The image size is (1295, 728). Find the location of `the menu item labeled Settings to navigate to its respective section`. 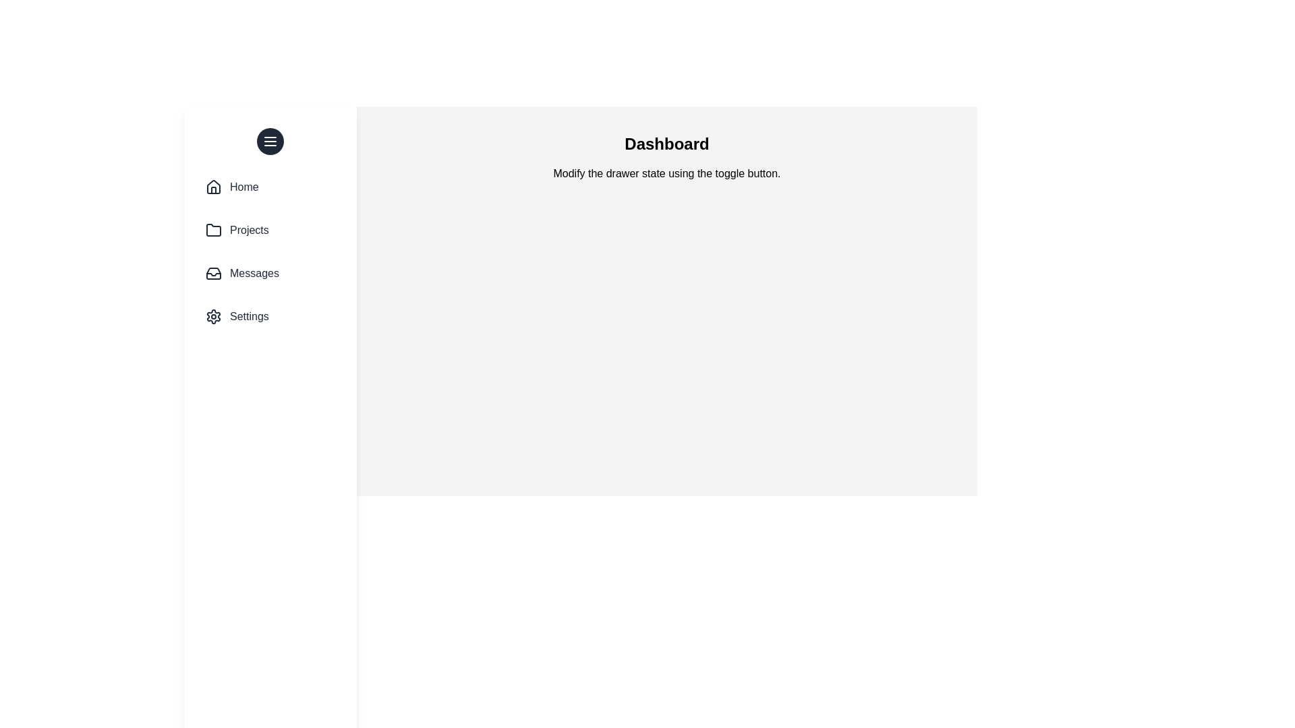

the menu item labeled Settings to navigate to its respective section is located at coordinates (270, 317).